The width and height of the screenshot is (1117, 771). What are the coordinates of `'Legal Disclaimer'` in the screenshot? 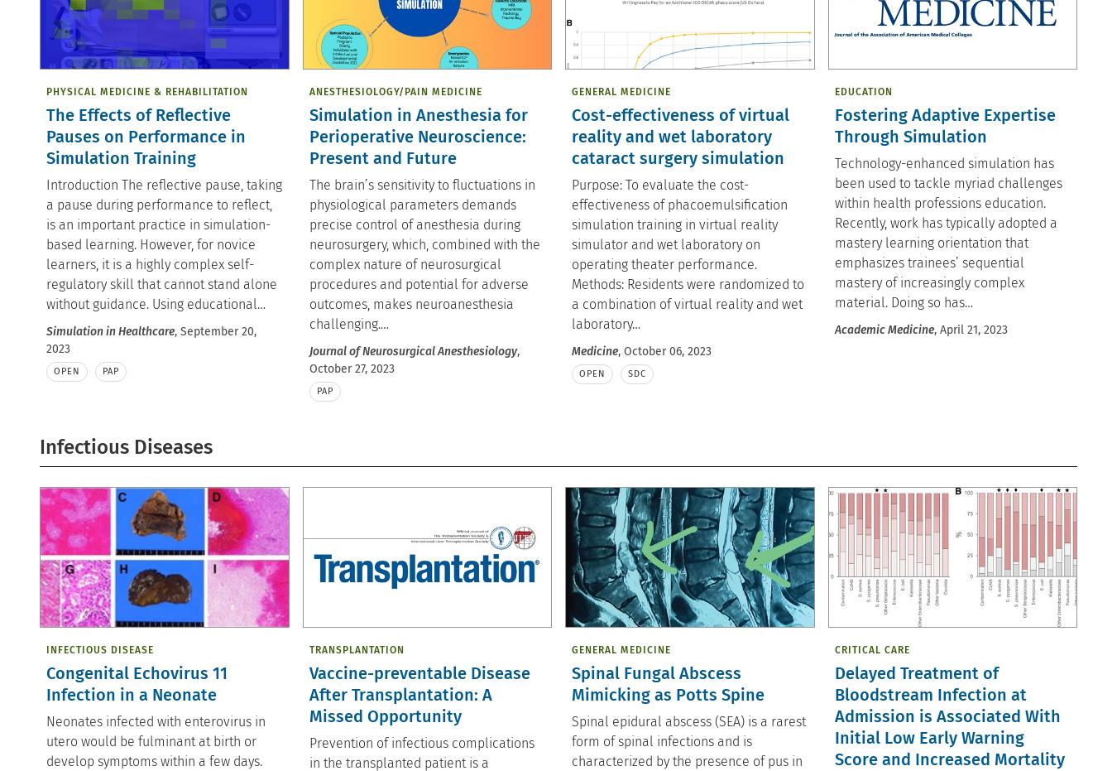 It's located at (434, 111).